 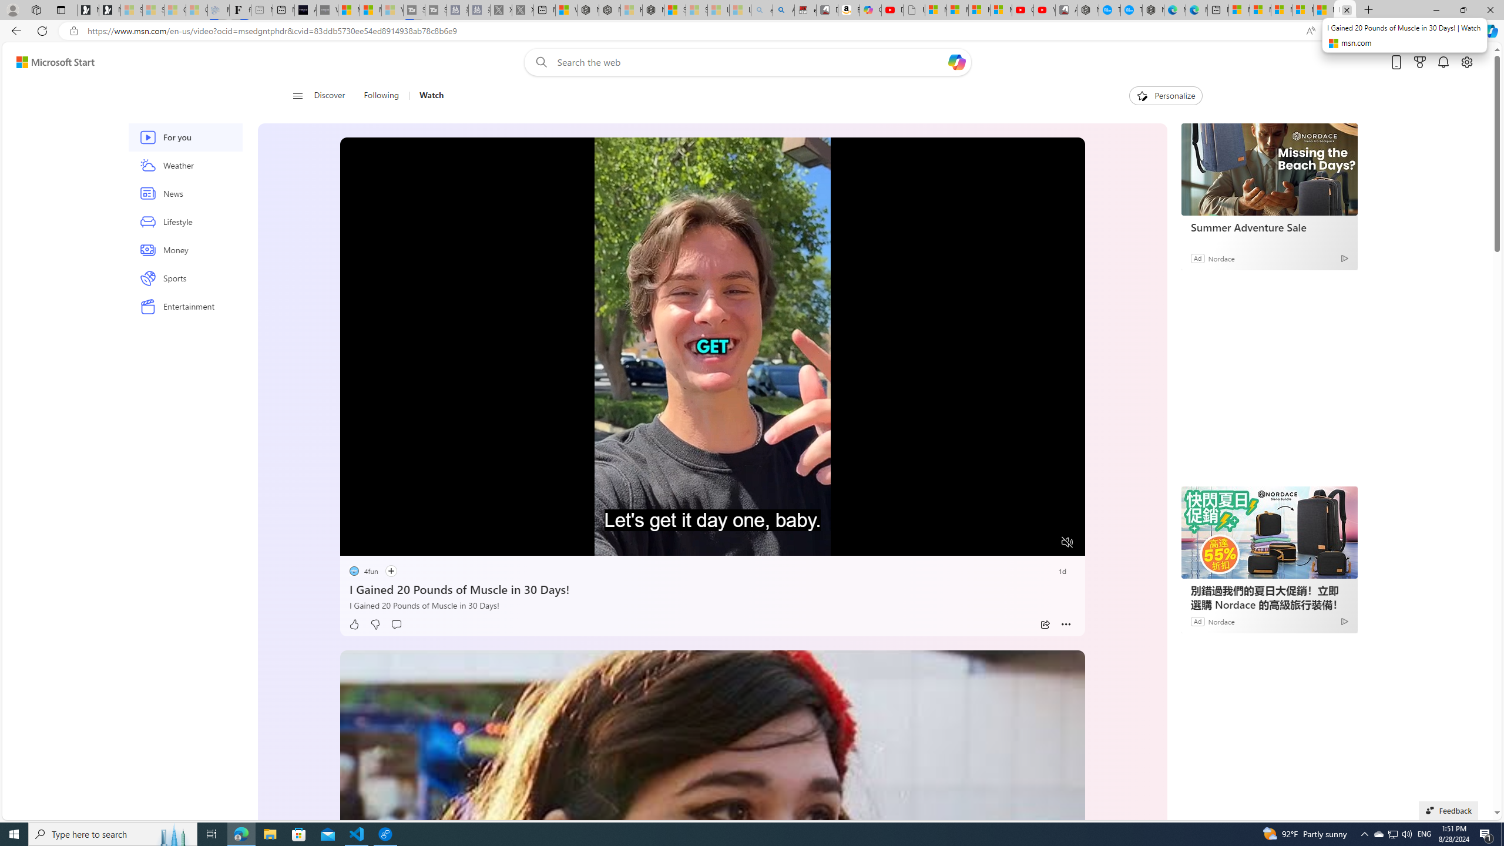 What do you see at coordinates (1419, 62) in the screenshot?
I see `'Microsoft rewards'` at bounding box center [1419, 62].